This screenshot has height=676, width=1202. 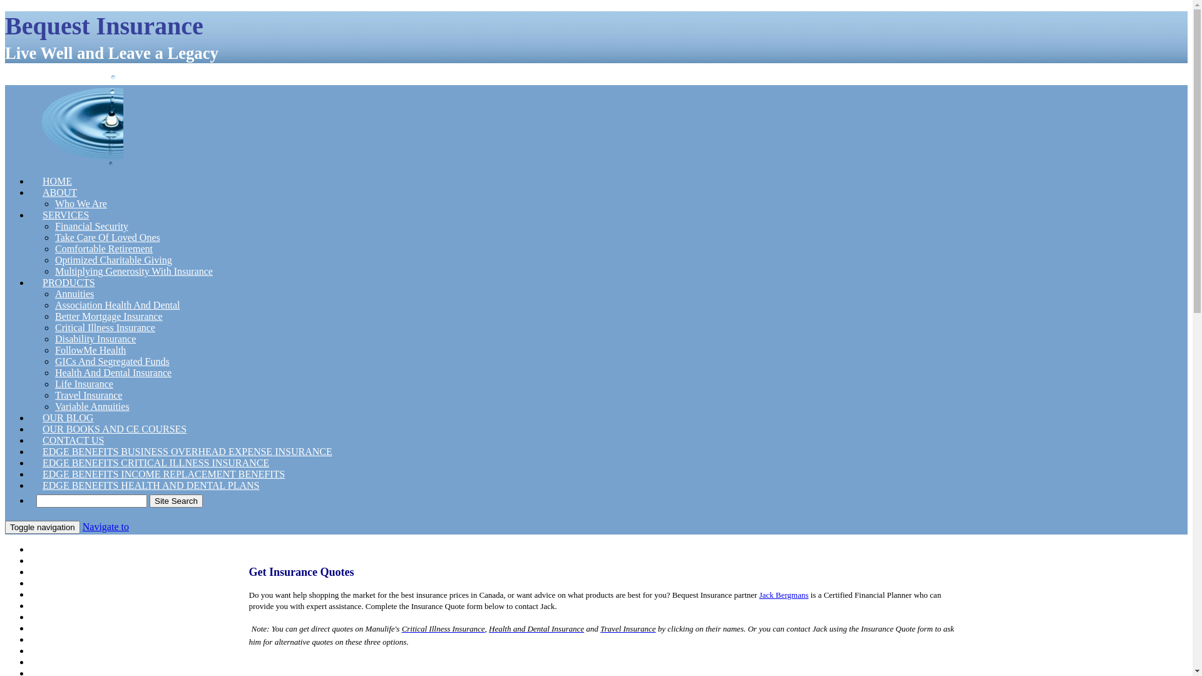 What do you see at coordinates (68, 282) in the screenshot?
I see `'PRODUCTS'` at bounding box center [68, 282].